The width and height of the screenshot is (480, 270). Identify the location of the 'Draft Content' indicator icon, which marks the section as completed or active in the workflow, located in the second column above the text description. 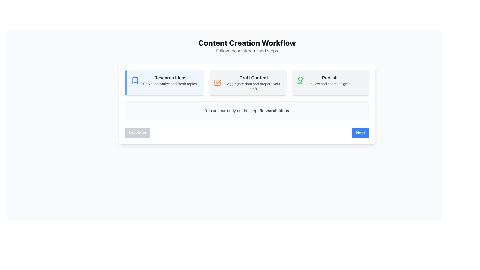
(217, 82).